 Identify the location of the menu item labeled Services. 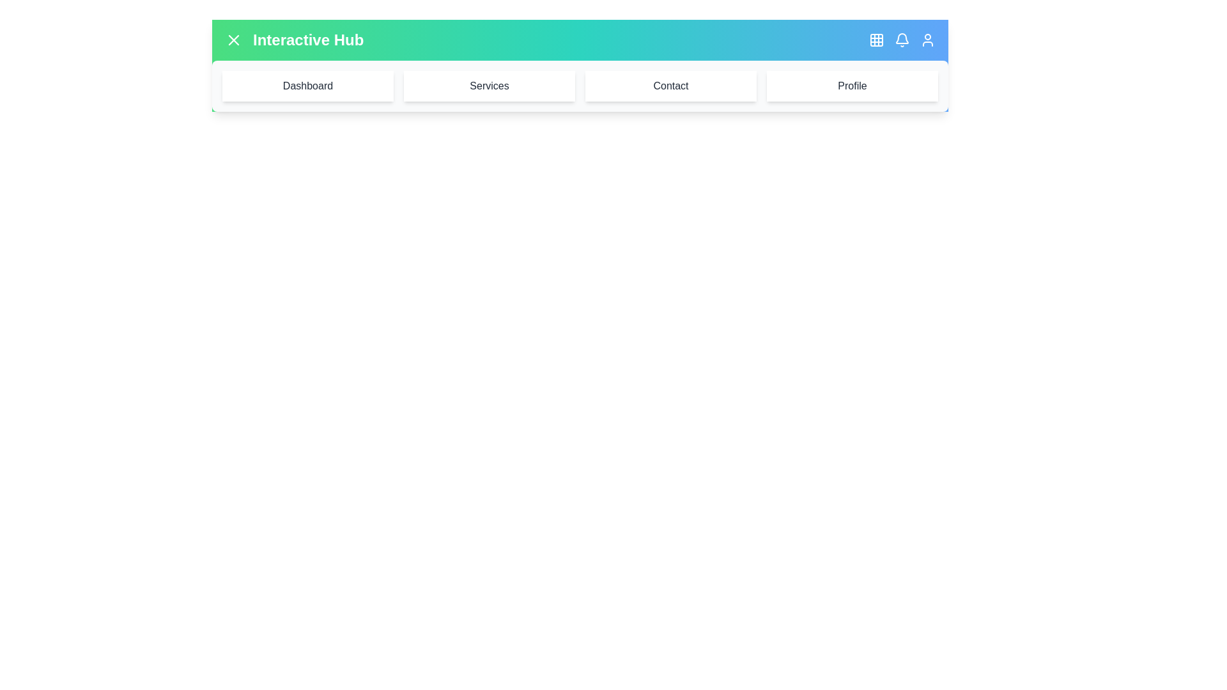
(489, 86).